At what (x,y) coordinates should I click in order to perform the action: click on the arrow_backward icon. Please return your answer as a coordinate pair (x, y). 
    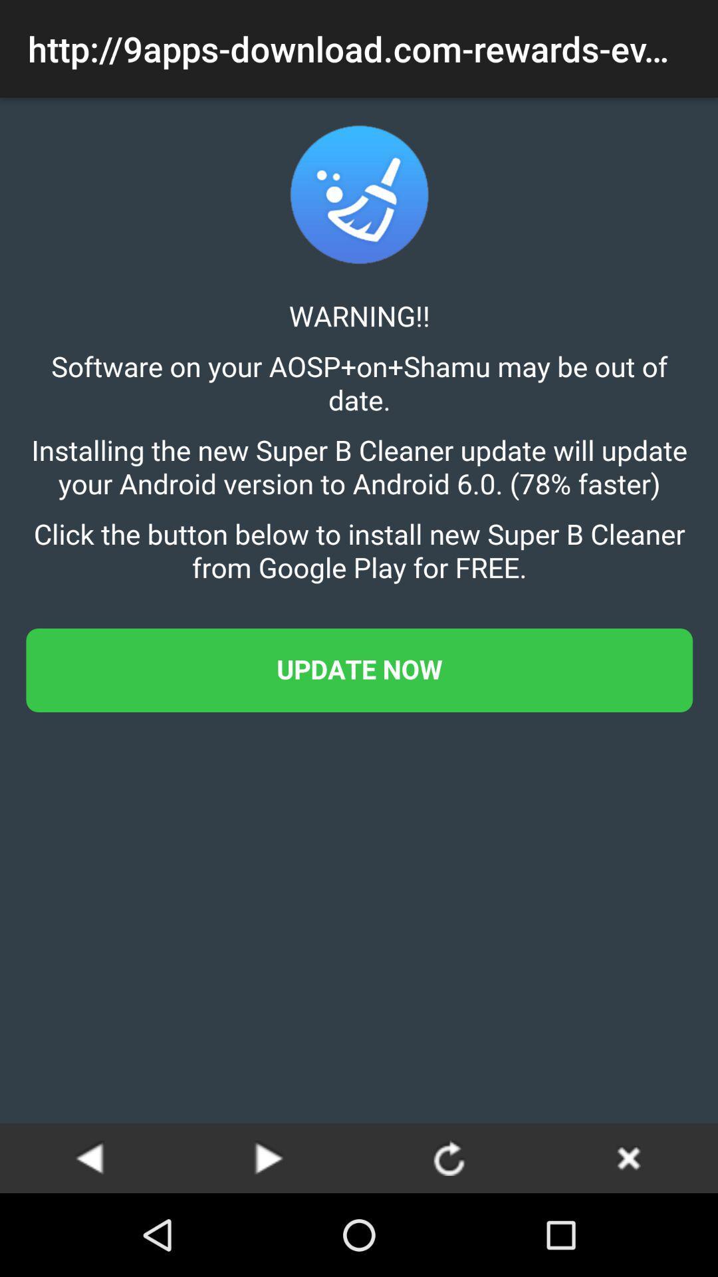
    Looking at the image, I should click on (90, 1157).